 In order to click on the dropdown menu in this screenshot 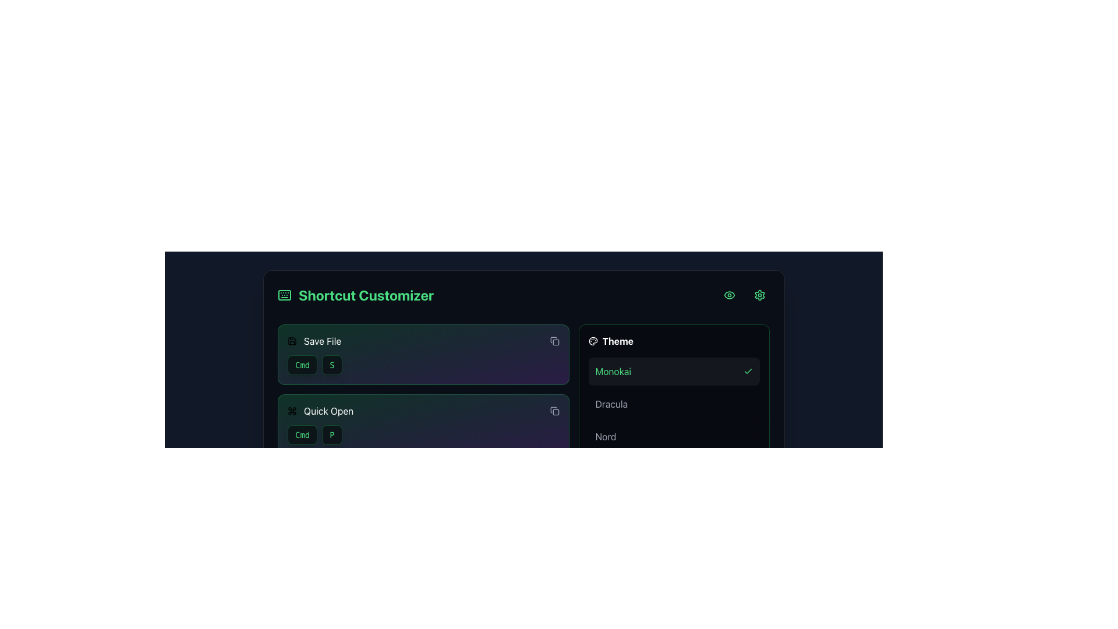, I will do `click(674, 393)`.